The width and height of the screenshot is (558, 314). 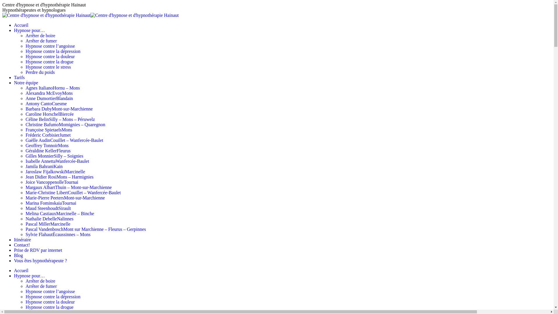 What do you see at coordinates (52, 182) in the screenshot?
I see `'Joice VancoppenolleTournai'` at bounding box center [52, 182].